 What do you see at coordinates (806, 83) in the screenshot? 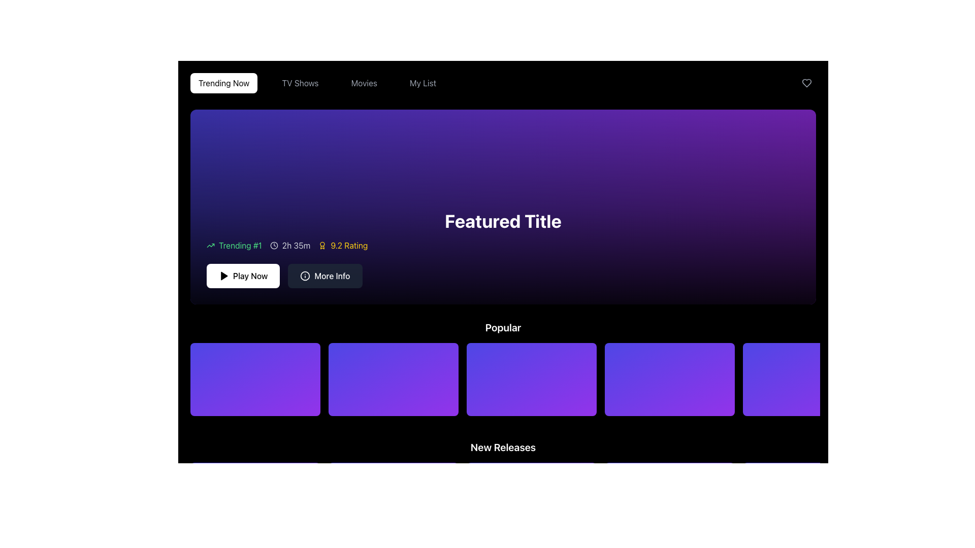
I see `the heart-shaped icon in the far-right corner of the header bar to favorite it` at bounding box center [806, 83].